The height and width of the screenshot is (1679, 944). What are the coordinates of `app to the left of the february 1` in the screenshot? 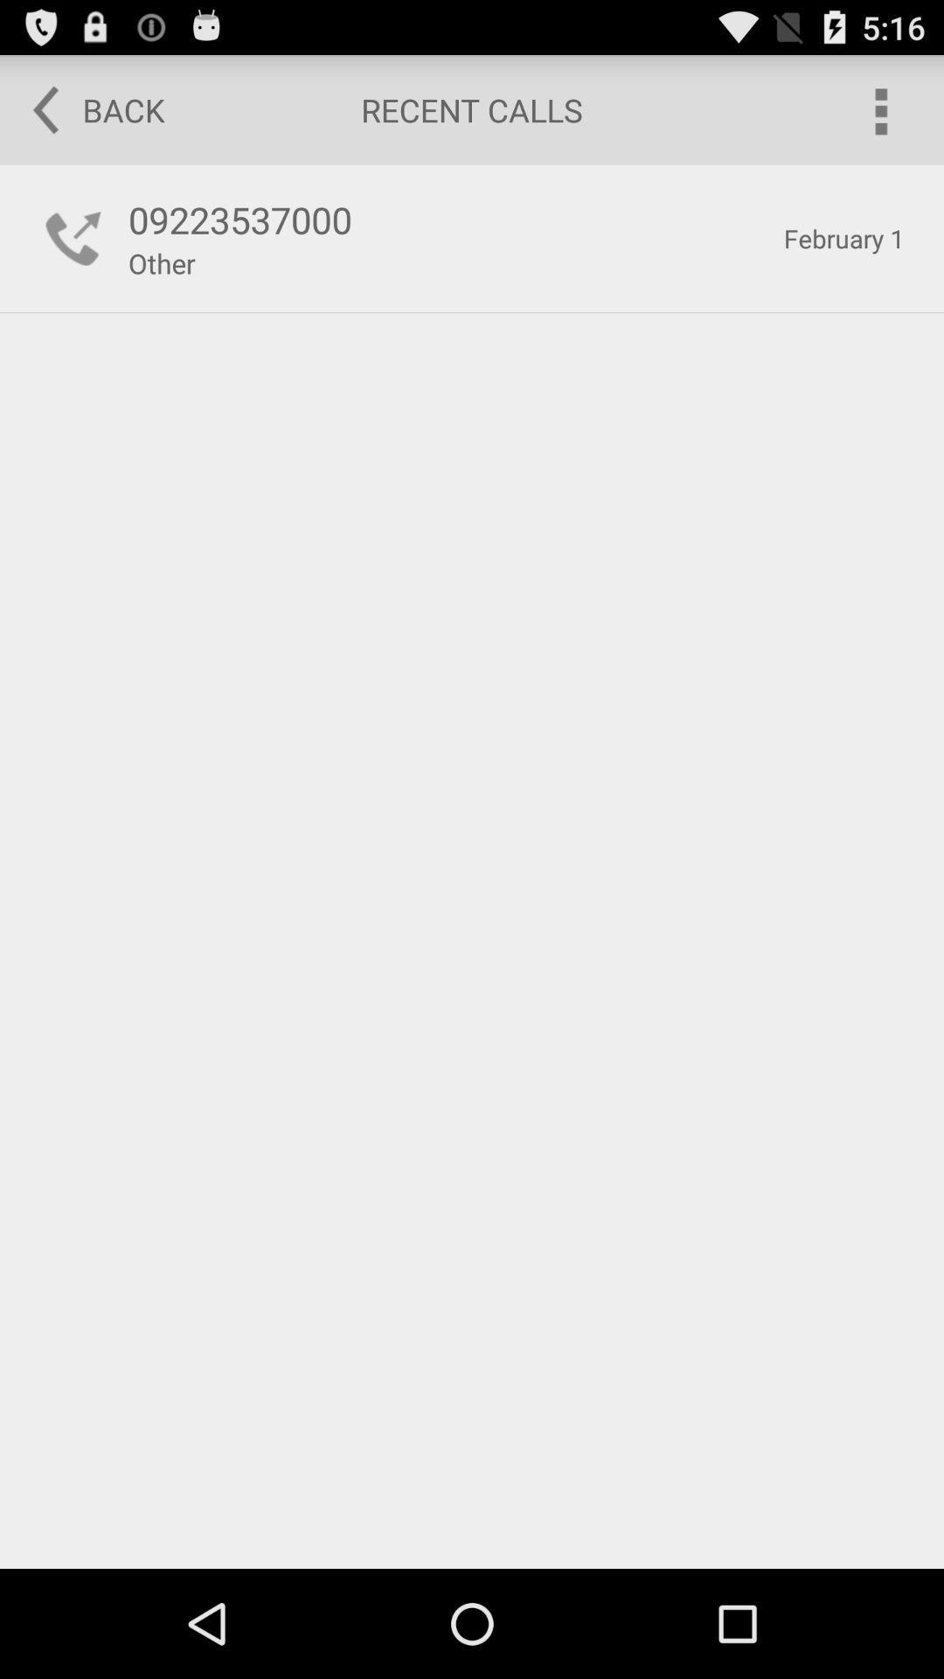 It's located at (446, 219).